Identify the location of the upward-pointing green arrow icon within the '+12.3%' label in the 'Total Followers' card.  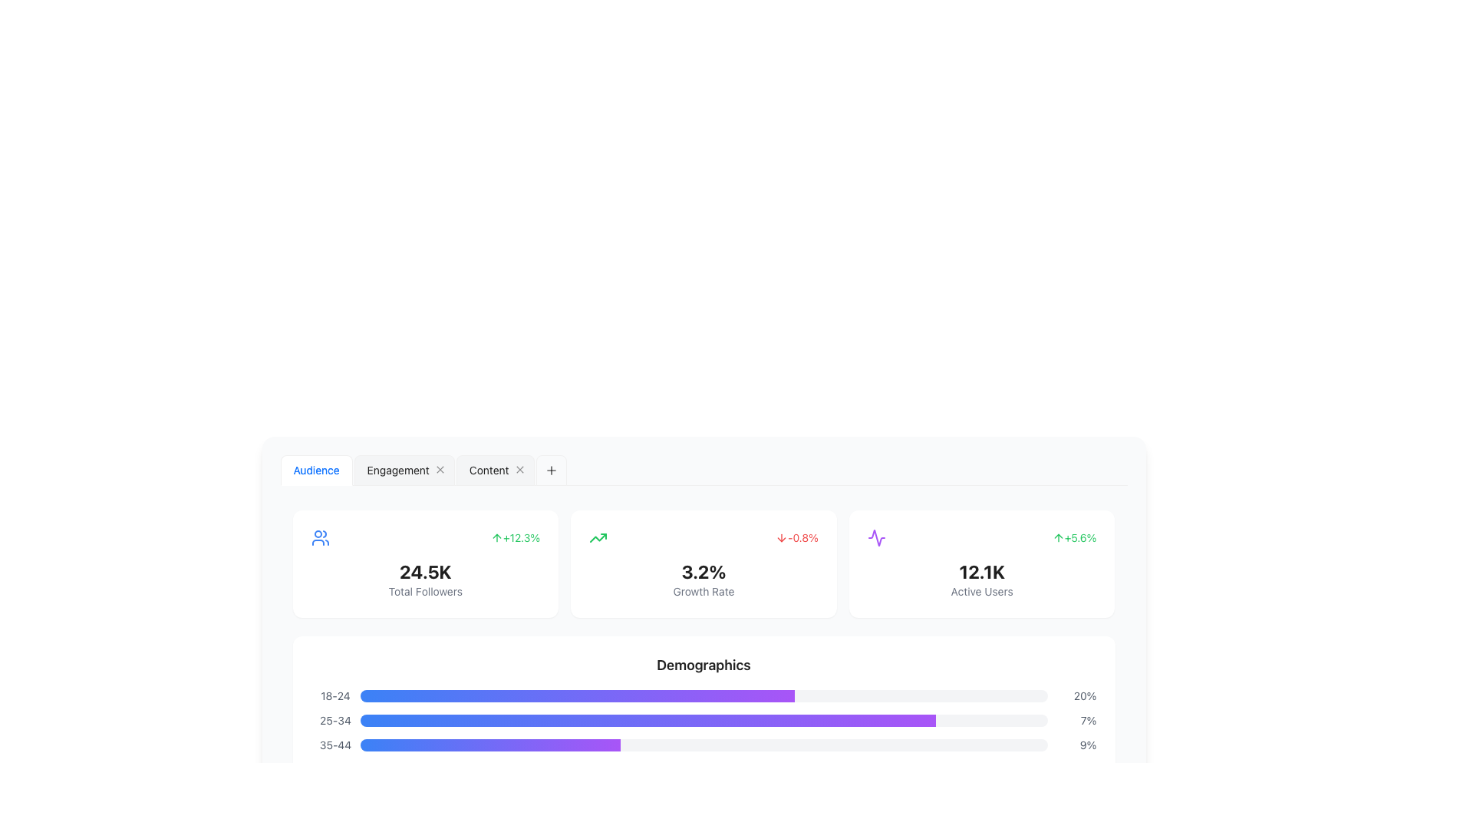
(497, 537).